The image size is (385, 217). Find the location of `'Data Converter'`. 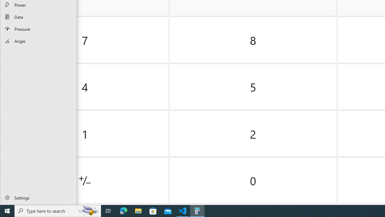

'Data Converter' is located at coordinates (38, 17).